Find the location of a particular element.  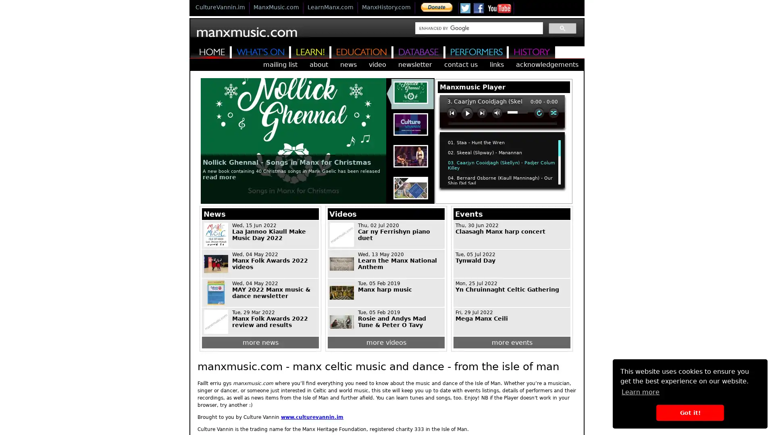

search is located at coordinates (562, 27).